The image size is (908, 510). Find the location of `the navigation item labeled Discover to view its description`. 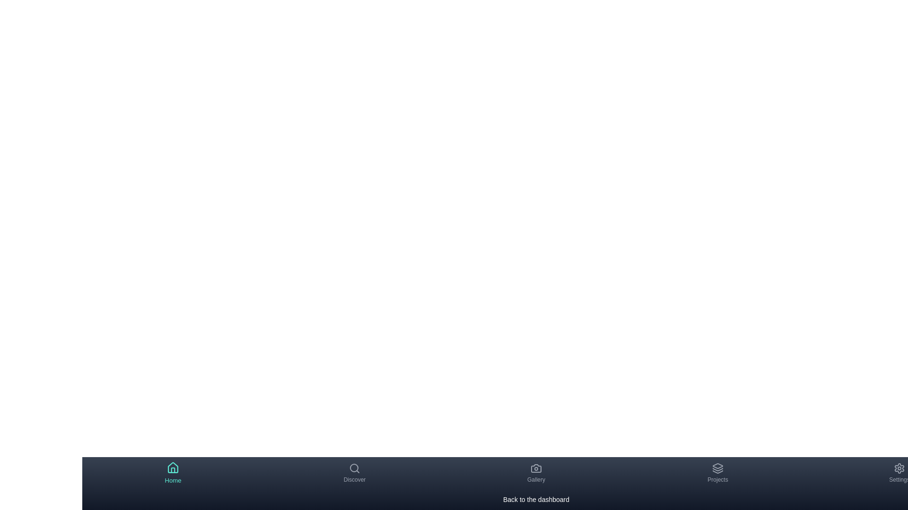

the navigation item labeled Discover to view its description is located at coordinates (354, 473).